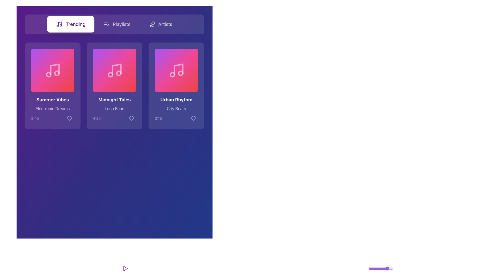  What do you see at coordinates (193, 118) in the screenshot?
I see `the 'favorite' button located at the bottom-right corner of the 'Urban Rhythm' card, next to the duration '3:15', to favorite or unfavorite the content` at bounding box center [193, 118].